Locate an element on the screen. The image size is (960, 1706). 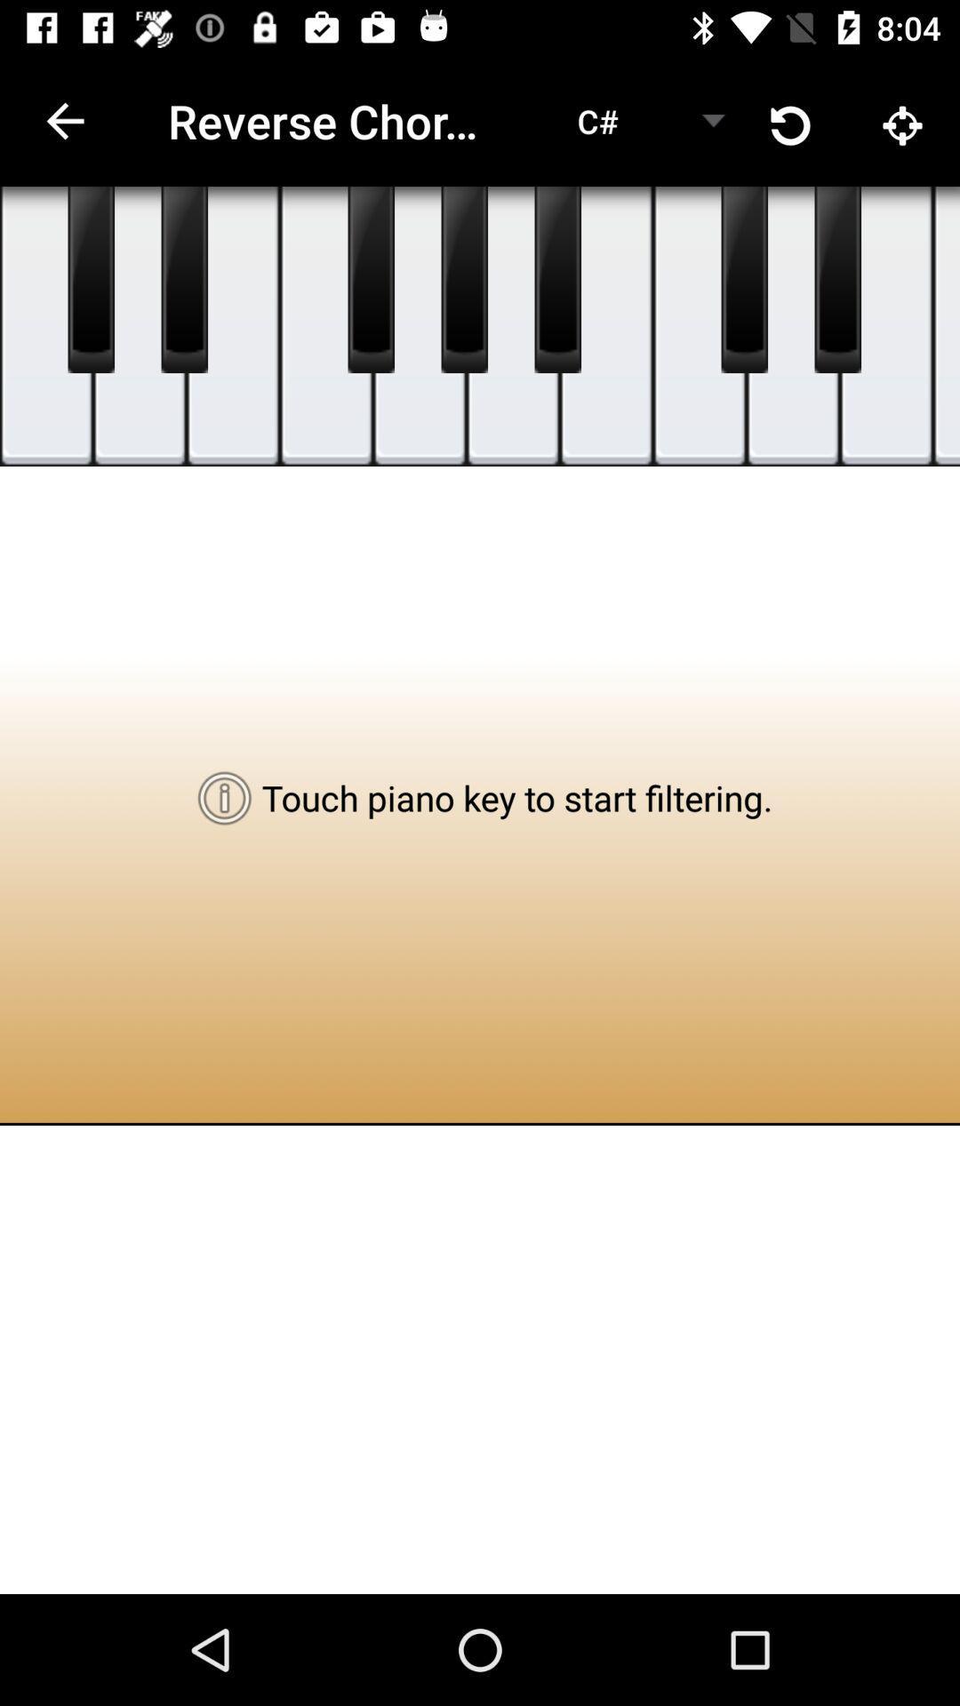
shows piano key button is located at coordinates (45, 326).